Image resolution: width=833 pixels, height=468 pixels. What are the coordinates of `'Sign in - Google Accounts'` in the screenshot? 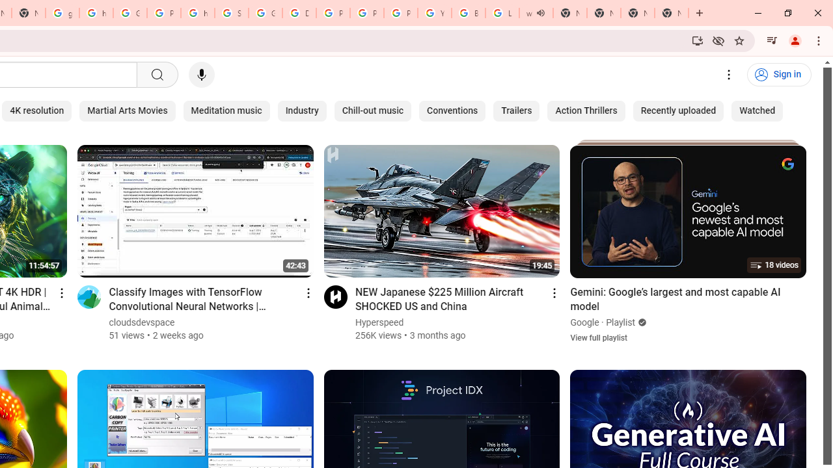 It's located at (231, 13).